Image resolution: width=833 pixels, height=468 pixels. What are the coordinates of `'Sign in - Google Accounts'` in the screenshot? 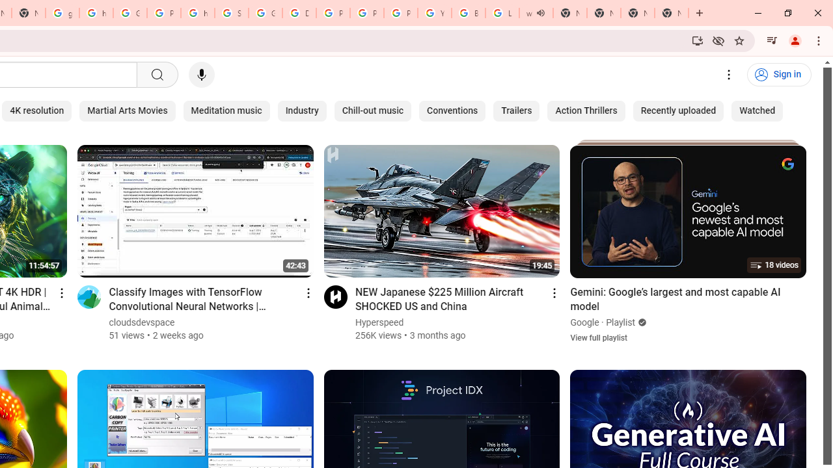 It's located at (231, 13).